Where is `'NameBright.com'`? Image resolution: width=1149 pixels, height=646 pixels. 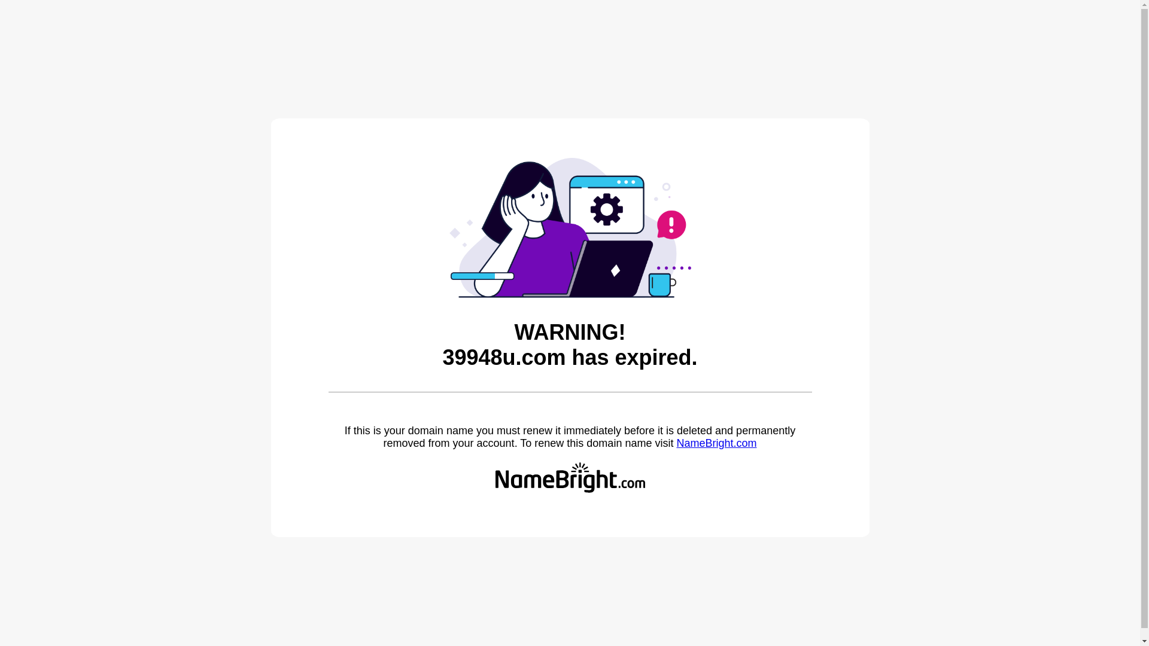
'NameBright.com' is located at coordinates (716, 443).